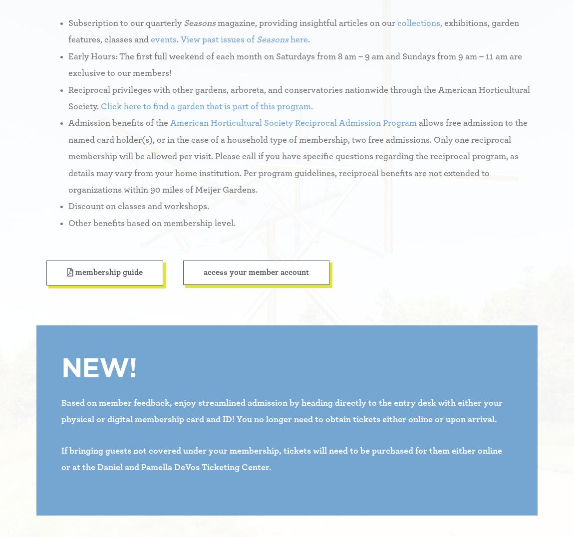 Image resolution: width=574 pixels, height=537 pixels. I want to click on 'Discount on classes and workshops.', so click(138, 207).